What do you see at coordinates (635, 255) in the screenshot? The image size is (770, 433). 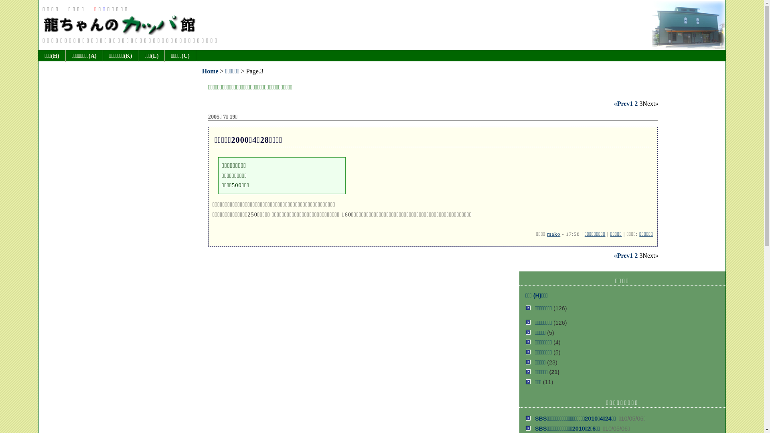 I see `'2'` at bounding box center [635, 255].